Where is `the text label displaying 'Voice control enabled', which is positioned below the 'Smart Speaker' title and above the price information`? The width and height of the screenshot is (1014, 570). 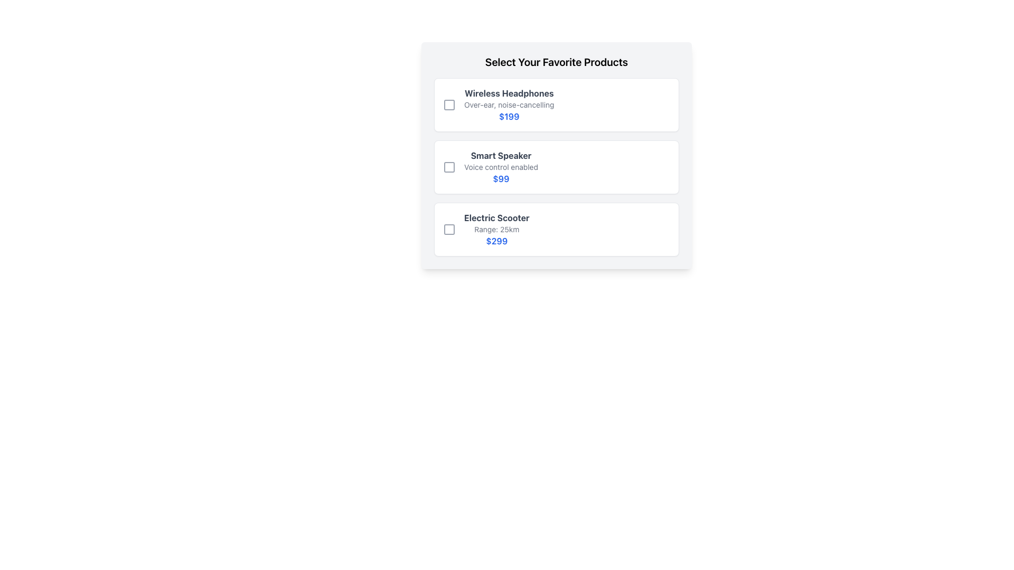 the text label displaying 'Voice control enabled', which is positioned below the 'Smart Speaker' title and above the price information is located at coordinates (501, 166).